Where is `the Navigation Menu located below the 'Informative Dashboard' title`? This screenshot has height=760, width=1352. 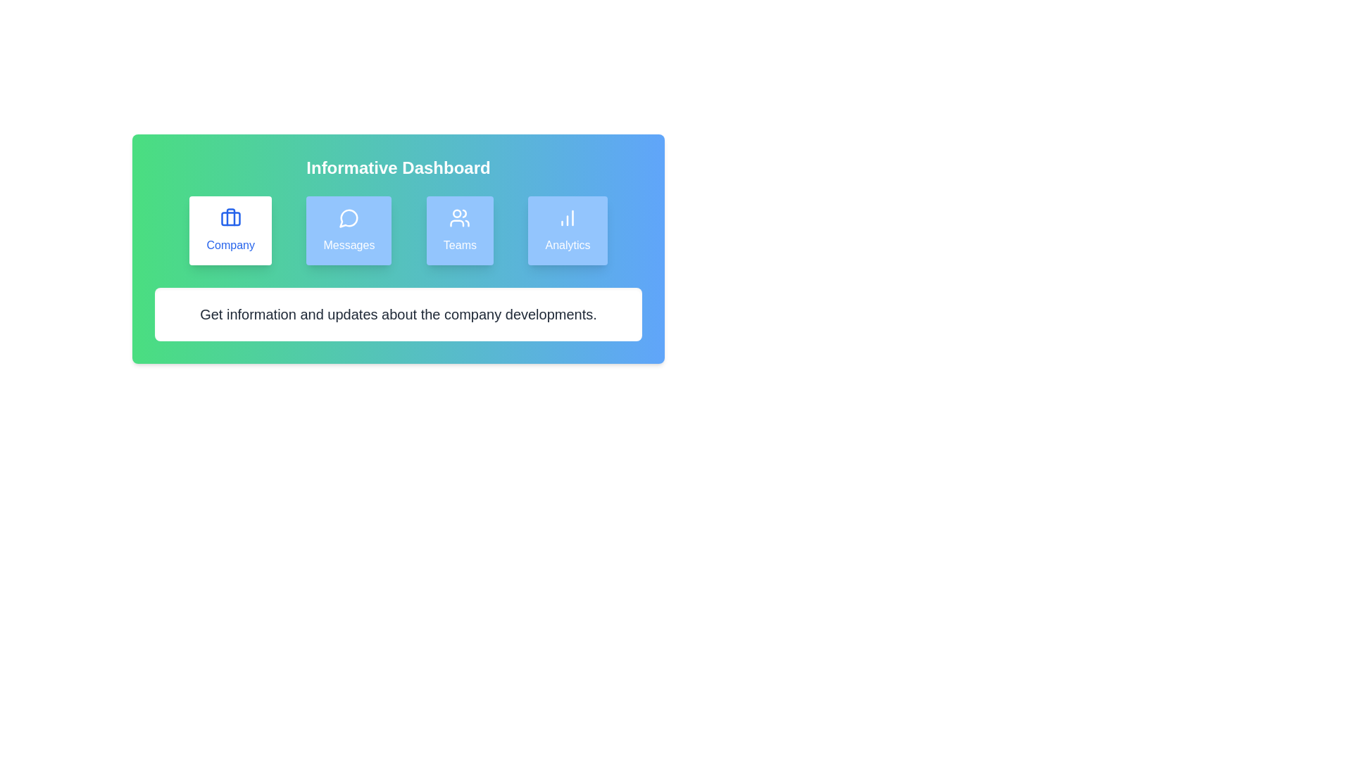
the Navigation Menu located below the 'Informative Dashboard' title is located at coordinates (398, 229).